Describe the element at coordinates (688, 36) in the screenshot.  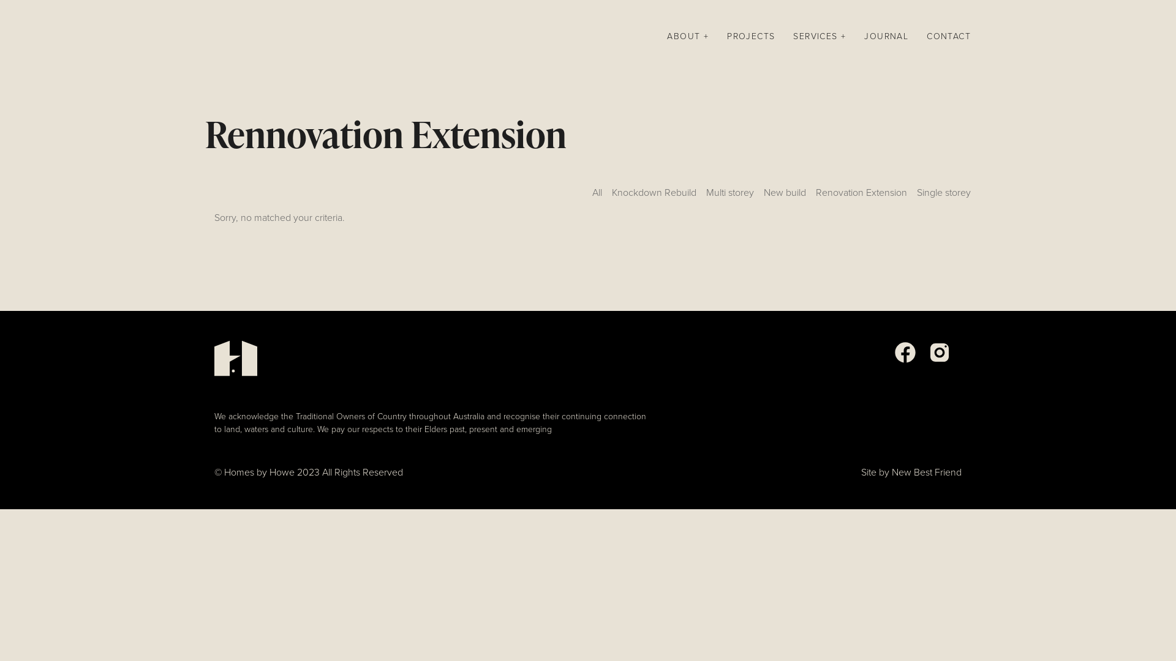
I see `'ABOUT'` at that location.